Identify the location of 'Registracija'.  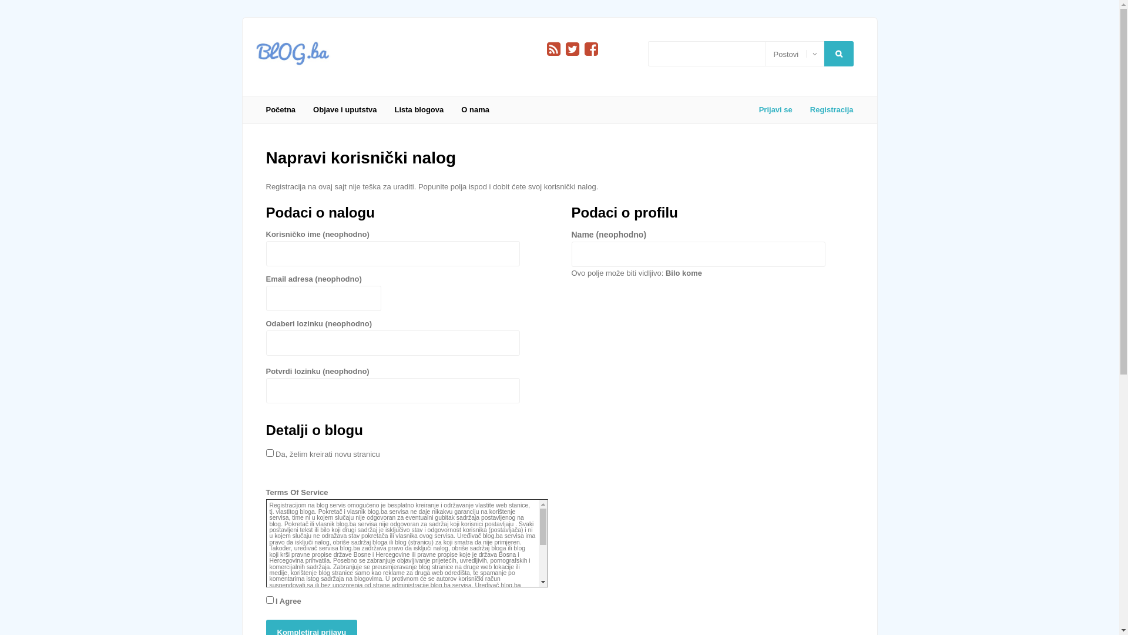
(827, 109).